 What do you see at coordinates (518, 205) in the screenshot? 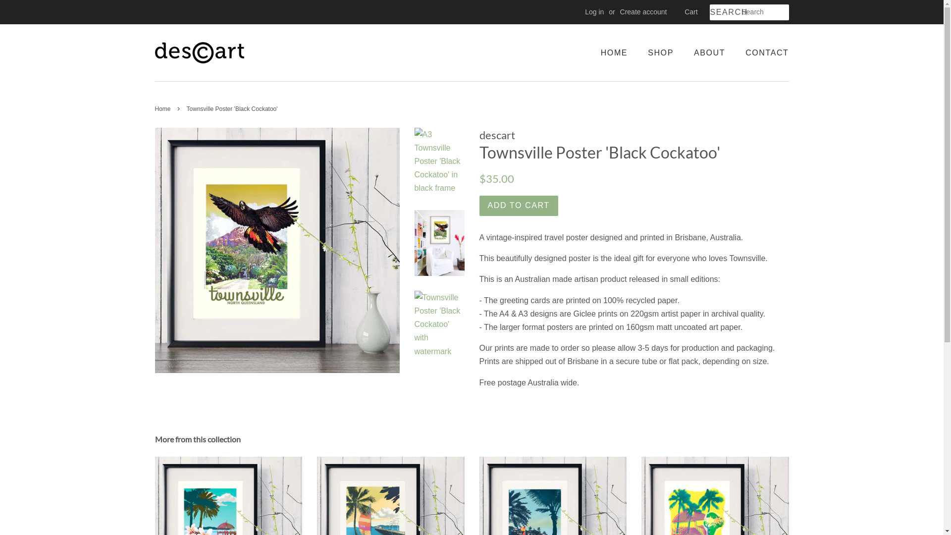
I see `'ADD TO CART'` at bounding box center [518, 205].